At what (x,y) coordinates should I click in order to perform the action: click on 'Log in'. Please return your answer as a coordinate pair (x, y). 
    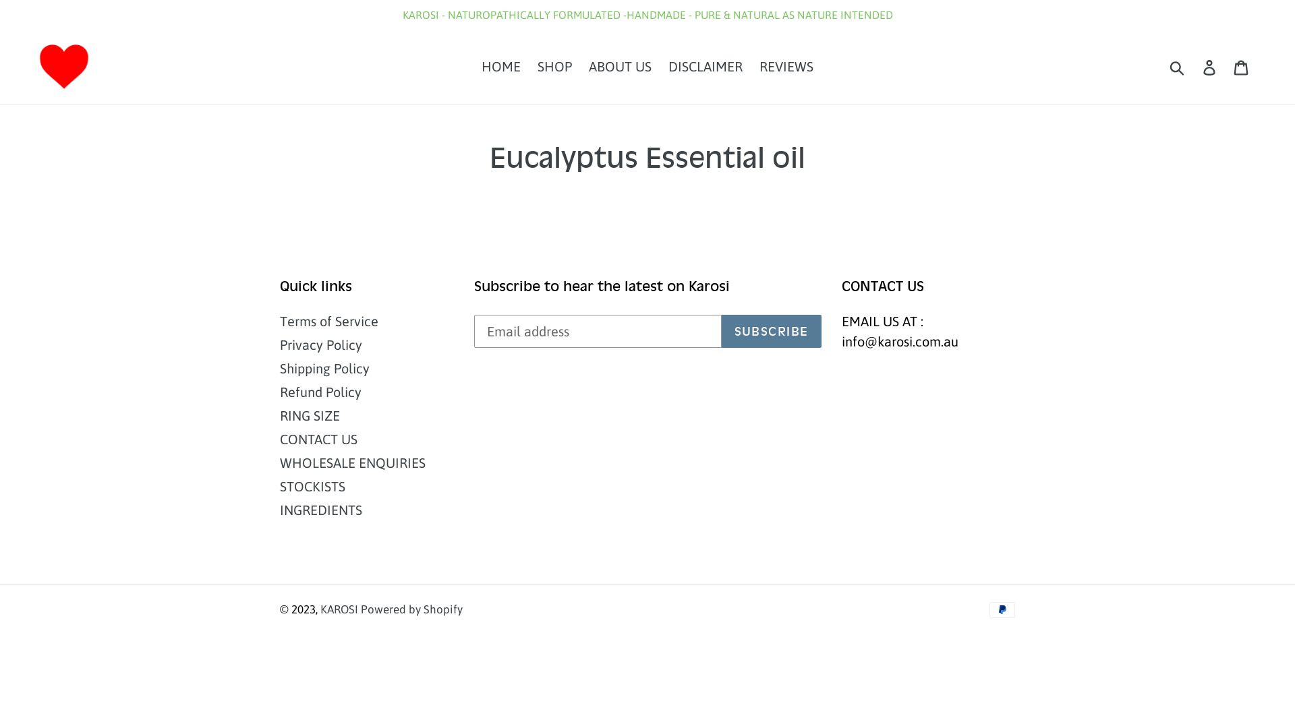
    Looking at the image, I should click on (1210, 67).